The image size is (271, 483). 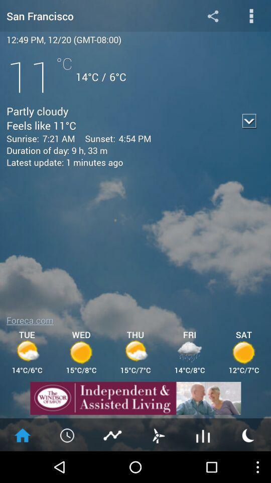 I want to click on the weather icon, so click(x=158, y=465).